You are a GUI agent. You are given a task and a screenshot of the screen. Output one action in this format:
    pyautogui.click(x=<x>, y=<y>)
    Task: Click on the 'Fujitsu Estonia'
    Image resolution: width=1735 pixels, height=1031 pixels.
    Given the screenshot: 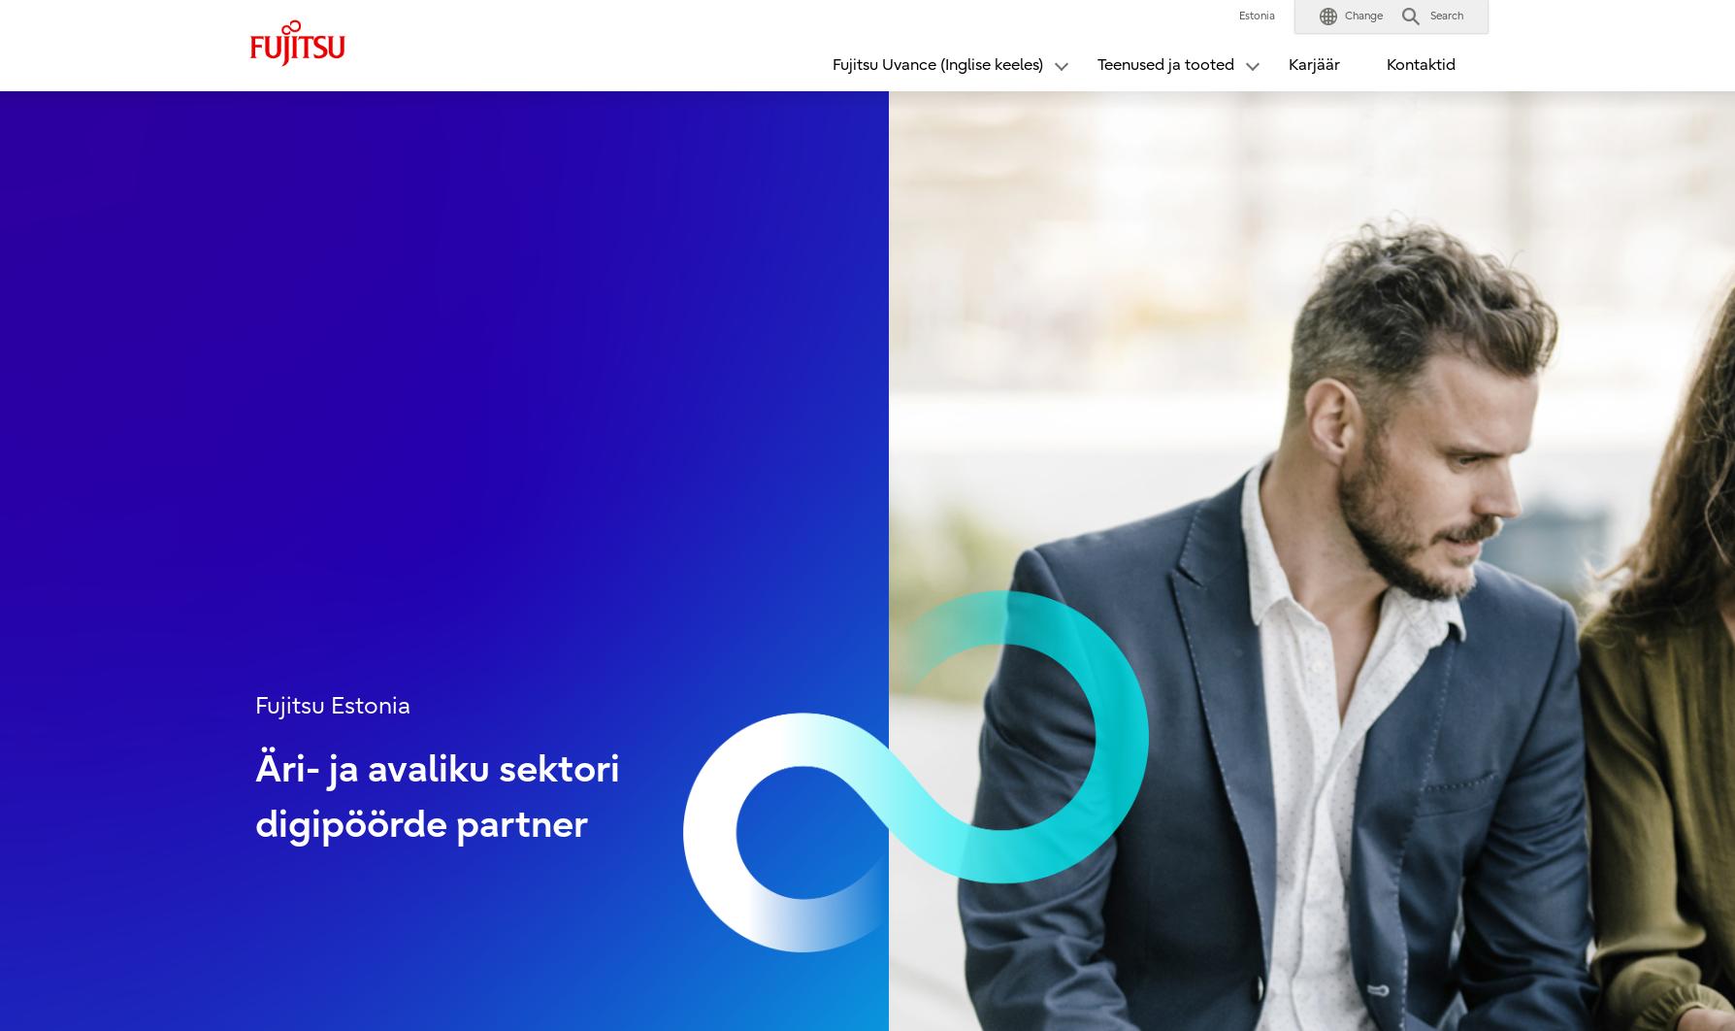 What is the action you would take?
    pyautogui.click(x=331, y=706)
    